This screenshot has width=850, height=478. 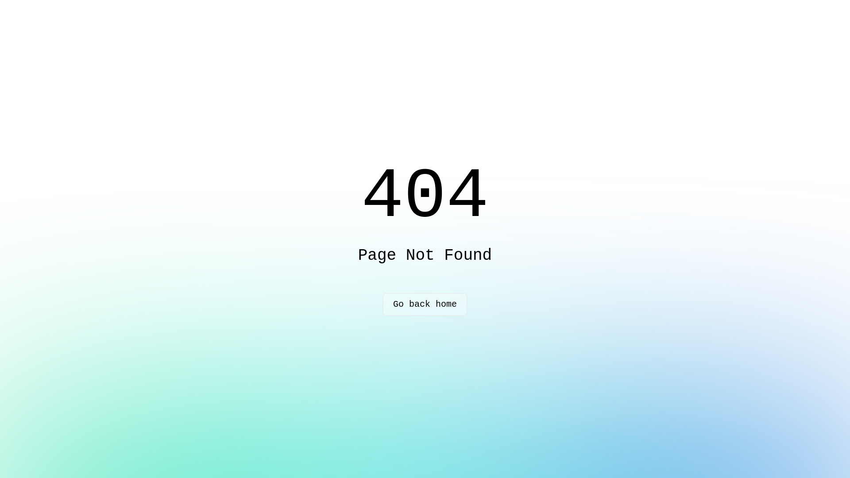 What do you see at coordinates (425, 304) in the screenshot?
I see `'Go back home'` at bounding box center [425, 304].